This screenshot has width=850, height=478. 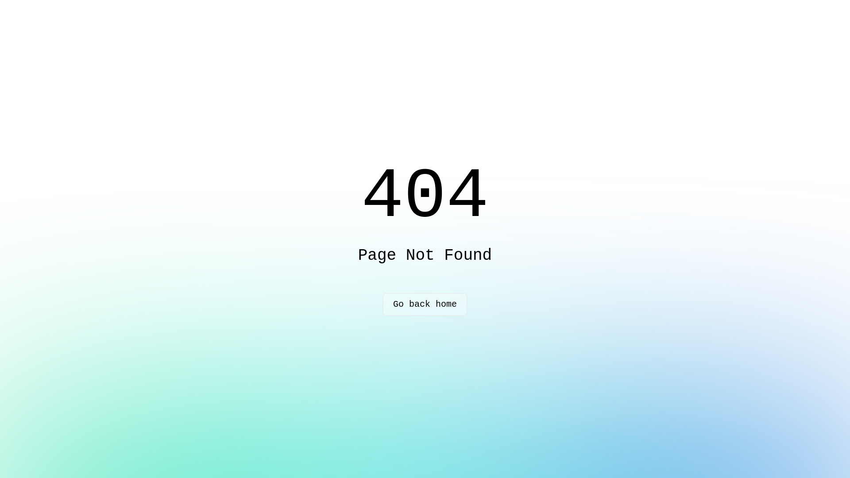 What do you see at coordinates (425, 304) in the screenshot?
I see `'Go back home'` at bounding box center [425, 304].